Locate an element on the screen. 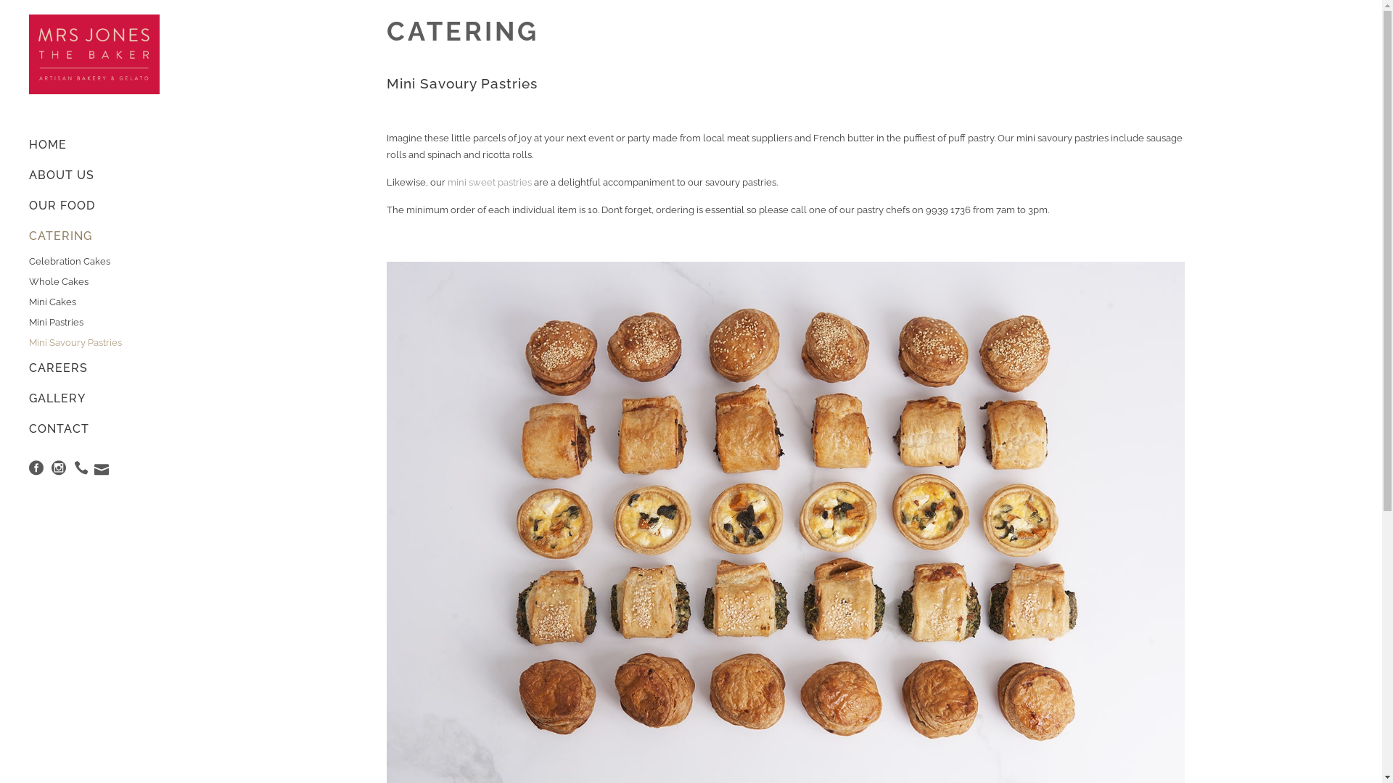  'Celebration Cakes' is located at coordinates (28, 262).